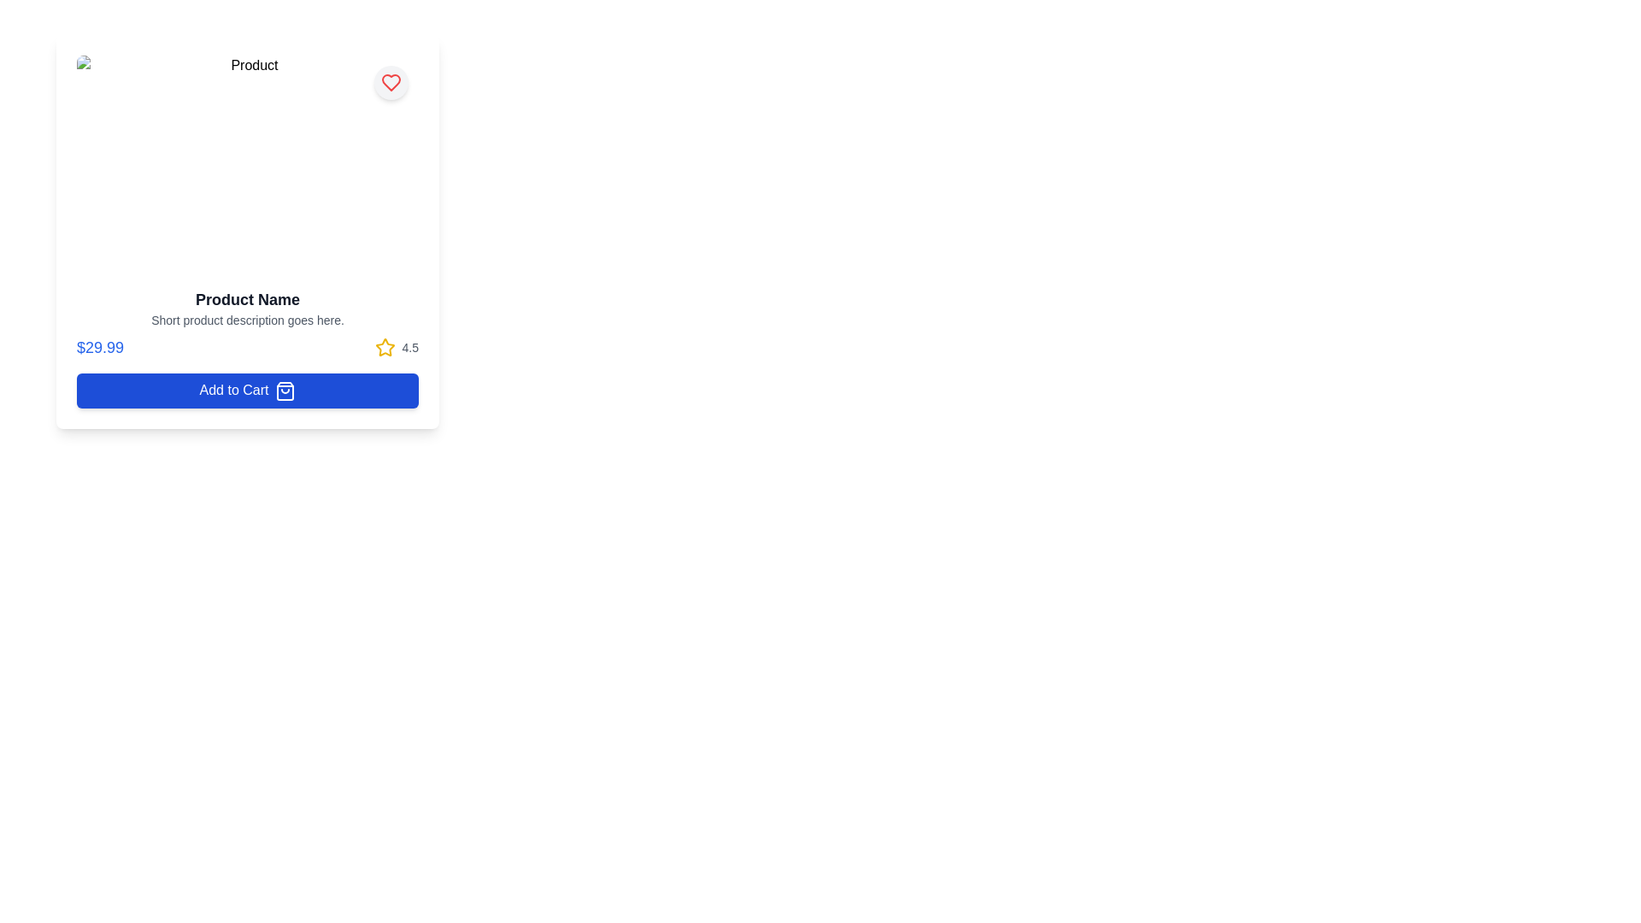  What do you see at coordinates (246, 320) in the screenshot?
I see `the text element displaying 'Short product description goes here.', which is located below the 'Product Name' and above the price '$29.99'` at bounding box center [246, 320].